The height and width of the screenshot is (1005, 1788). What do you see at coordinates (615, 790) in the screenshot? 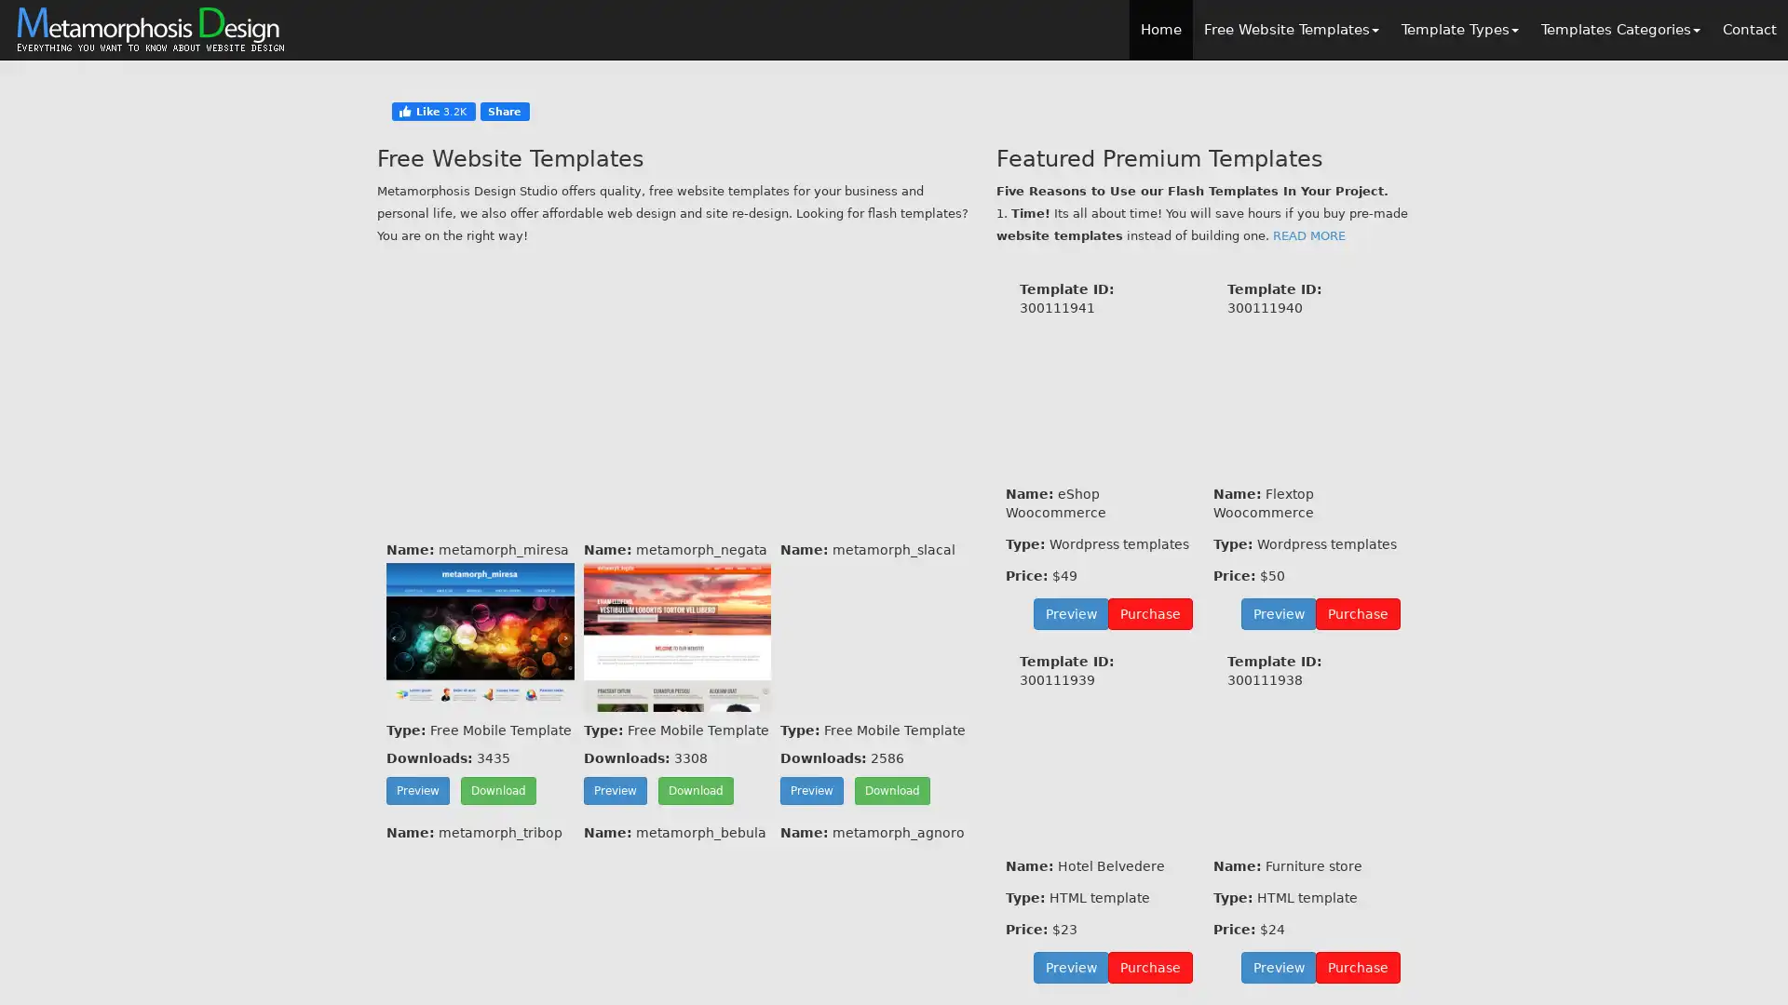
I see `Preview` at bounding box center [615, 790].